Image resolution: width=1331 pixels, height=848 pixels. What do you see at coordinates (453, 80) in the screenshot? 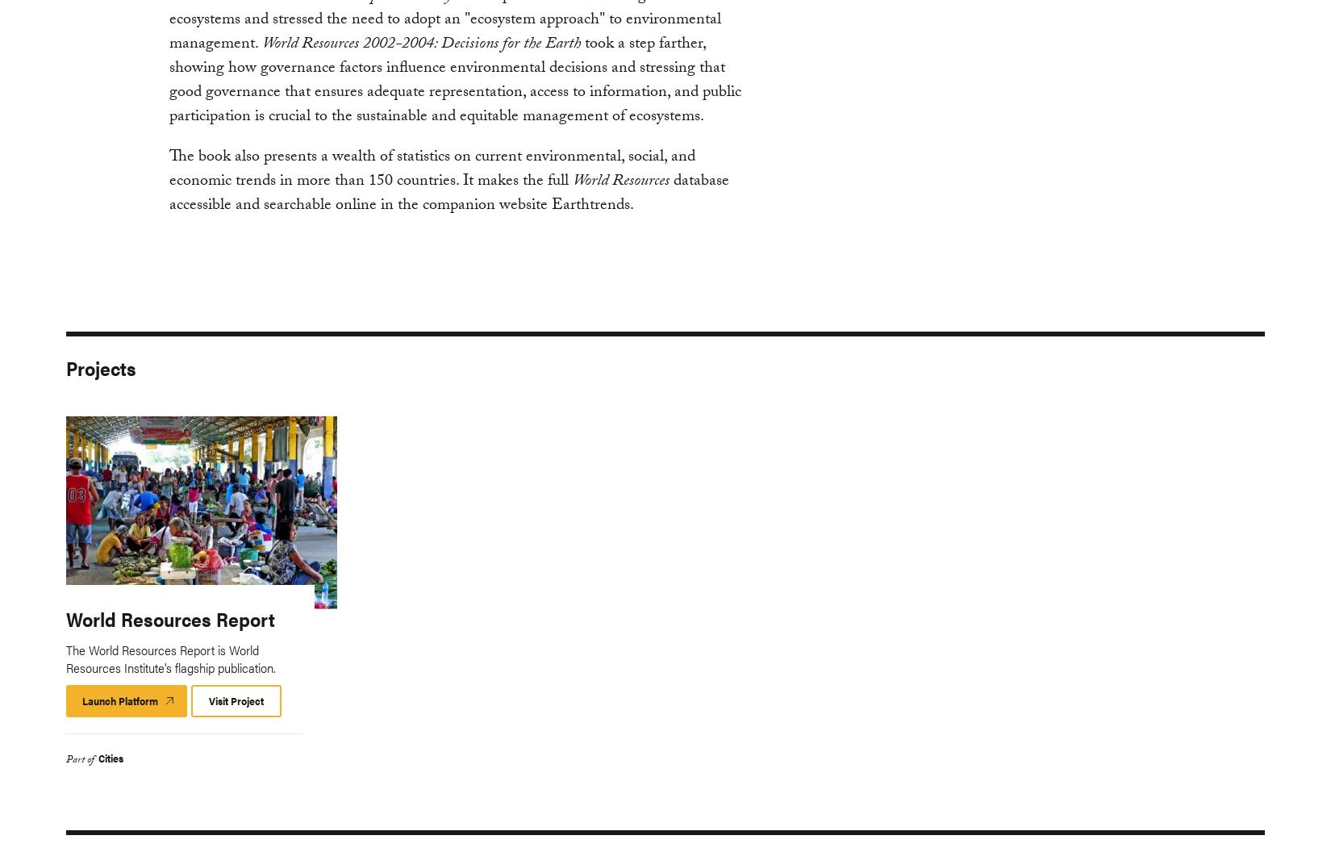
I see `'took a step farther, showing how governance factors influence environmental decisions and stressing that good governance that ensures adequate representation, access to information, and public participation is crucial to the sustainable and equitable management of ecosystems.'` at bounding box center [453, 80].